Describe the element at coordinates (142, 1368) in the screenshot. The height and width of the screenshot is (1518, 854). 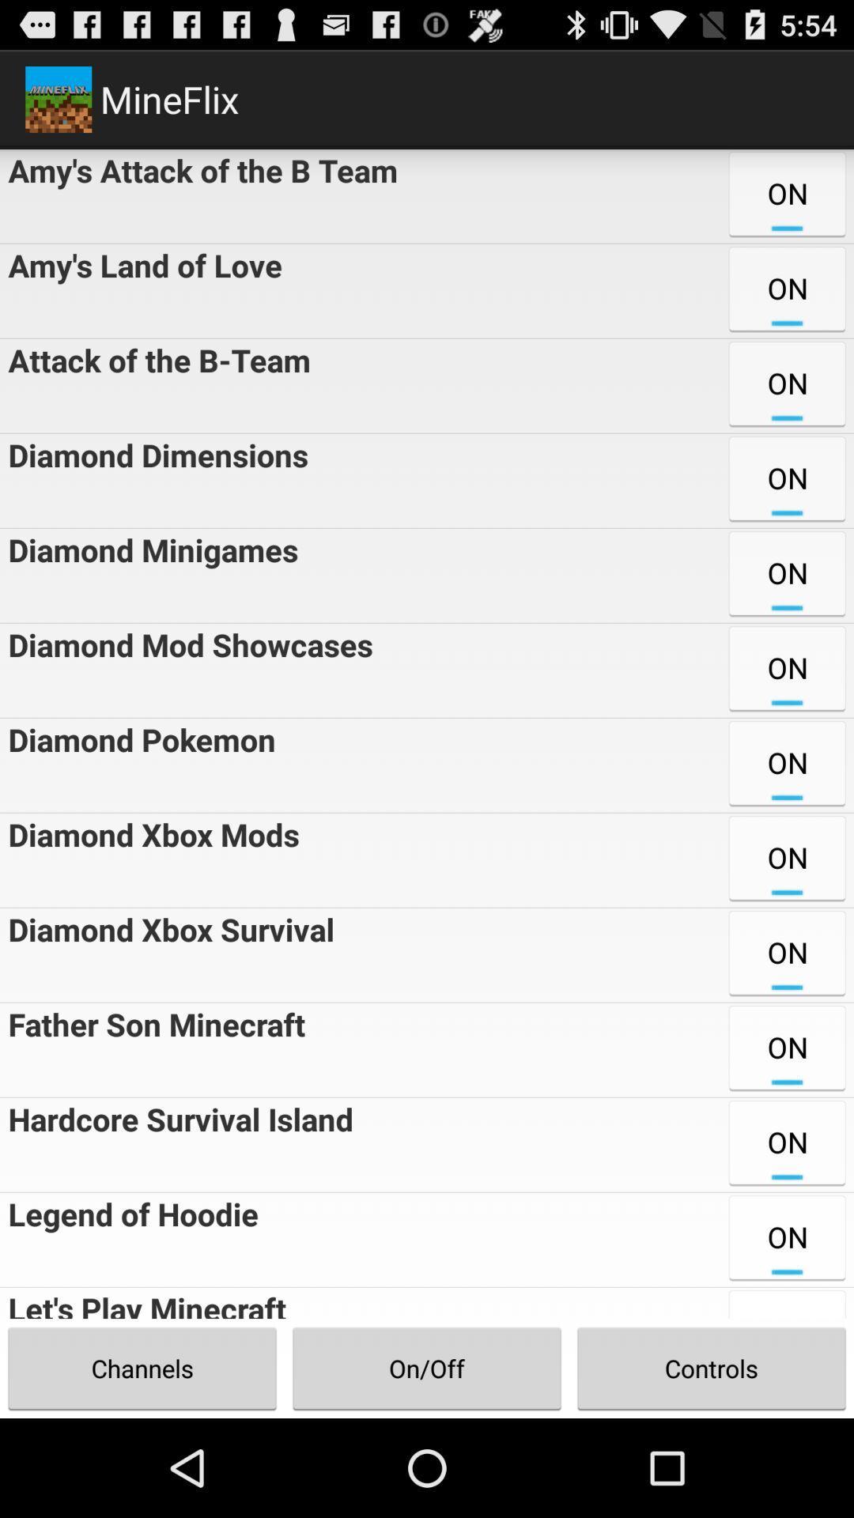
I see `the item below the let s play item` at that location.